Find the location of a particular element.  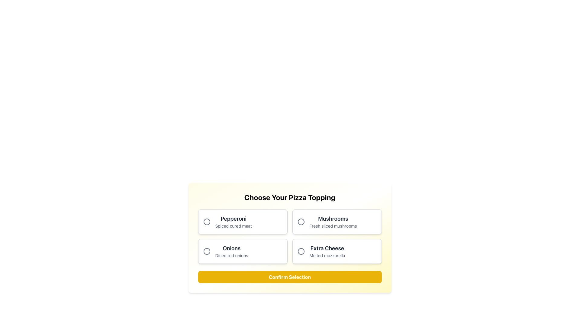

the 'Extra Cheese' Selectable Option Card located at the bottom right of the grid is located at coordinates (337, 251).